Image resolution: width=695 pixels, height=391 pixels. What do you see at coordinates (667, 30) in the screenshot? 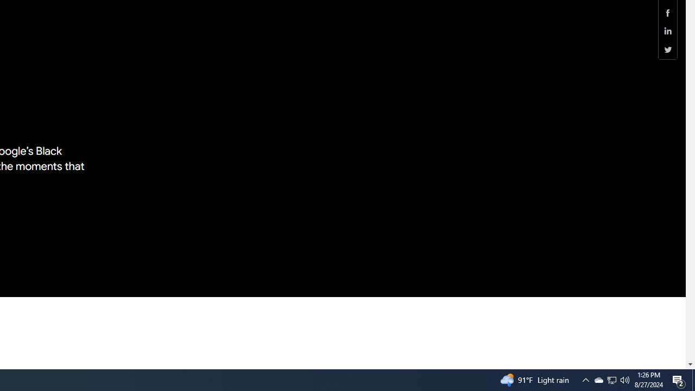
I see `'Share this page (LinkedIn)'` at bounding box center [667, 30].